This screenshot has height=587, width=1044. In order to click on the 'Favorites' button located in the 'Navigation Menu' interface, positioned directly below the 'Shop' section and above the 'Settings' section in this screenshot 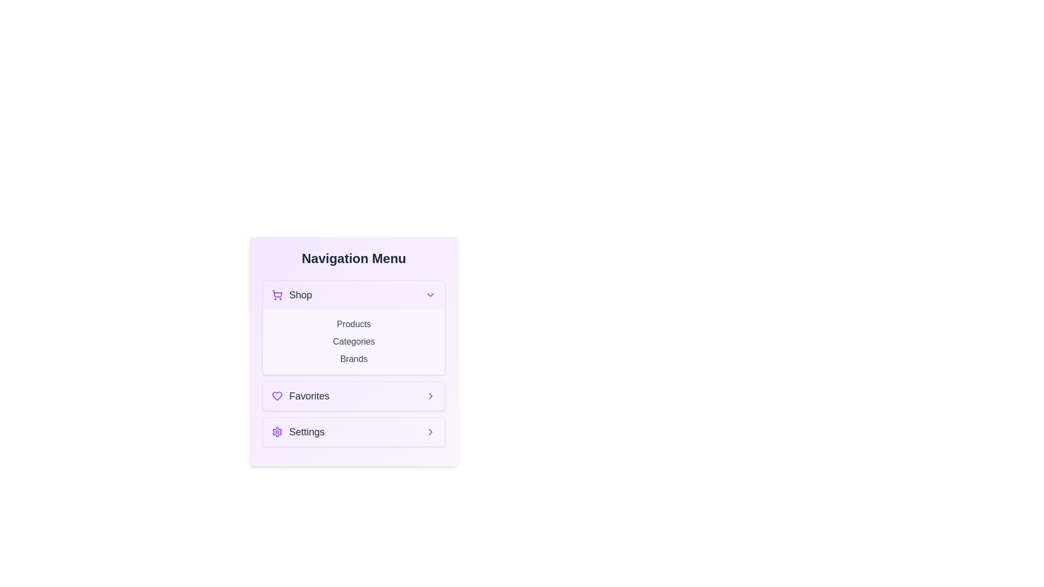, I will do `click(354, 396)`.